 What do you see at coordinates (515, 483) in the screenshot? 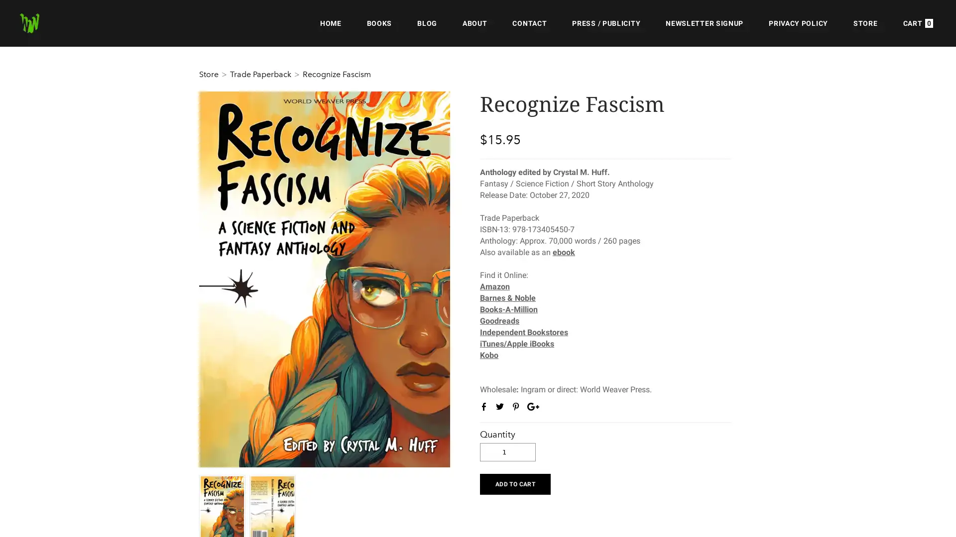
I see `ADD TO CART` at bounding box center [515, 483].